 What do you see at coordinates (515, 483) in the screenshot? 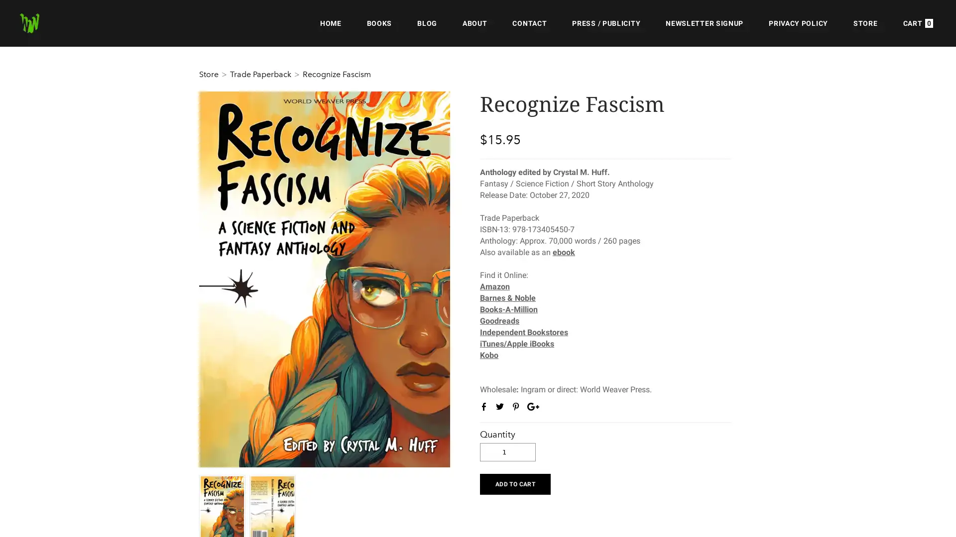
I see `ADD TO CART` at bounding box center [515, 483].